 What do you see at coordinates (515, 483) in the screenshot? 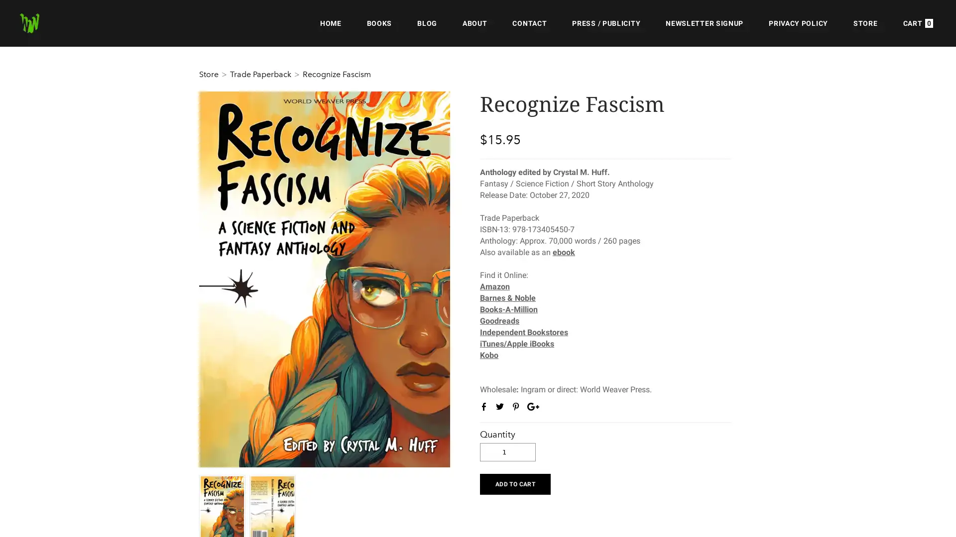
I see `ADD TO CART` at bounding box center [515, 483].